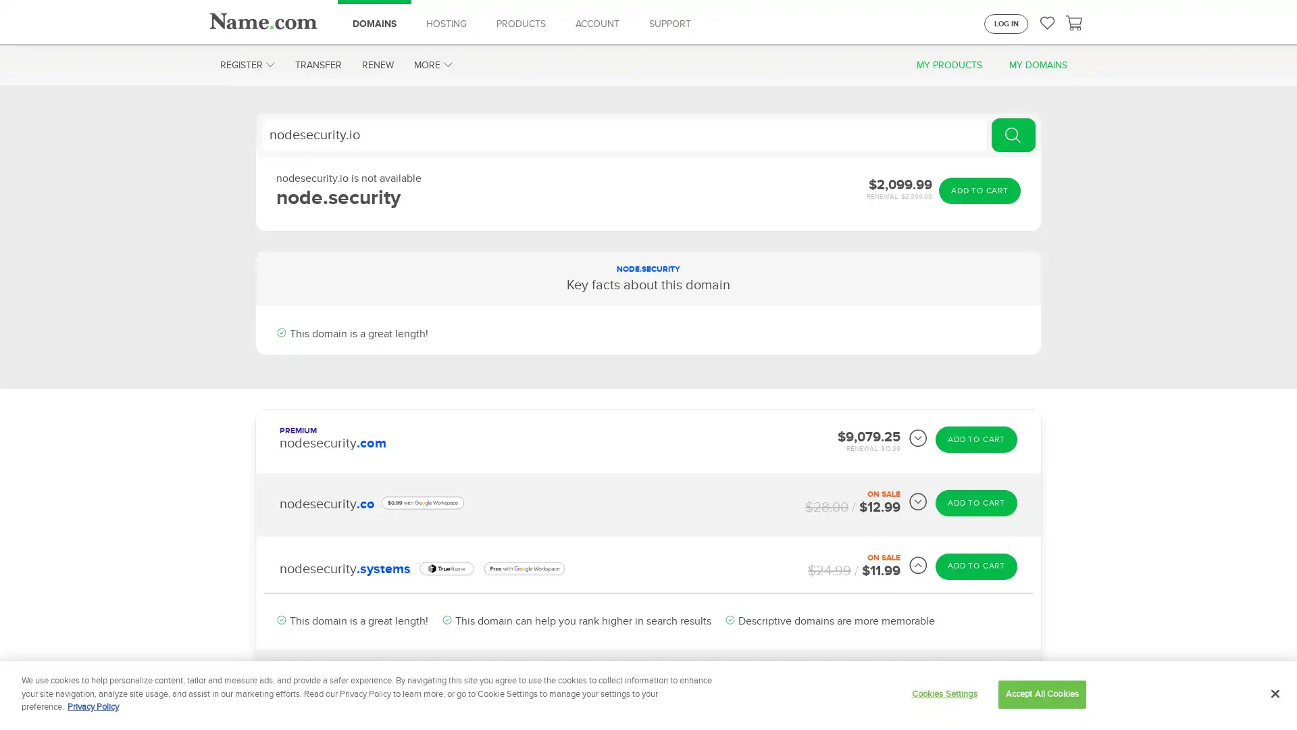  I want to click on ADD TO CART, so click(976, 566).